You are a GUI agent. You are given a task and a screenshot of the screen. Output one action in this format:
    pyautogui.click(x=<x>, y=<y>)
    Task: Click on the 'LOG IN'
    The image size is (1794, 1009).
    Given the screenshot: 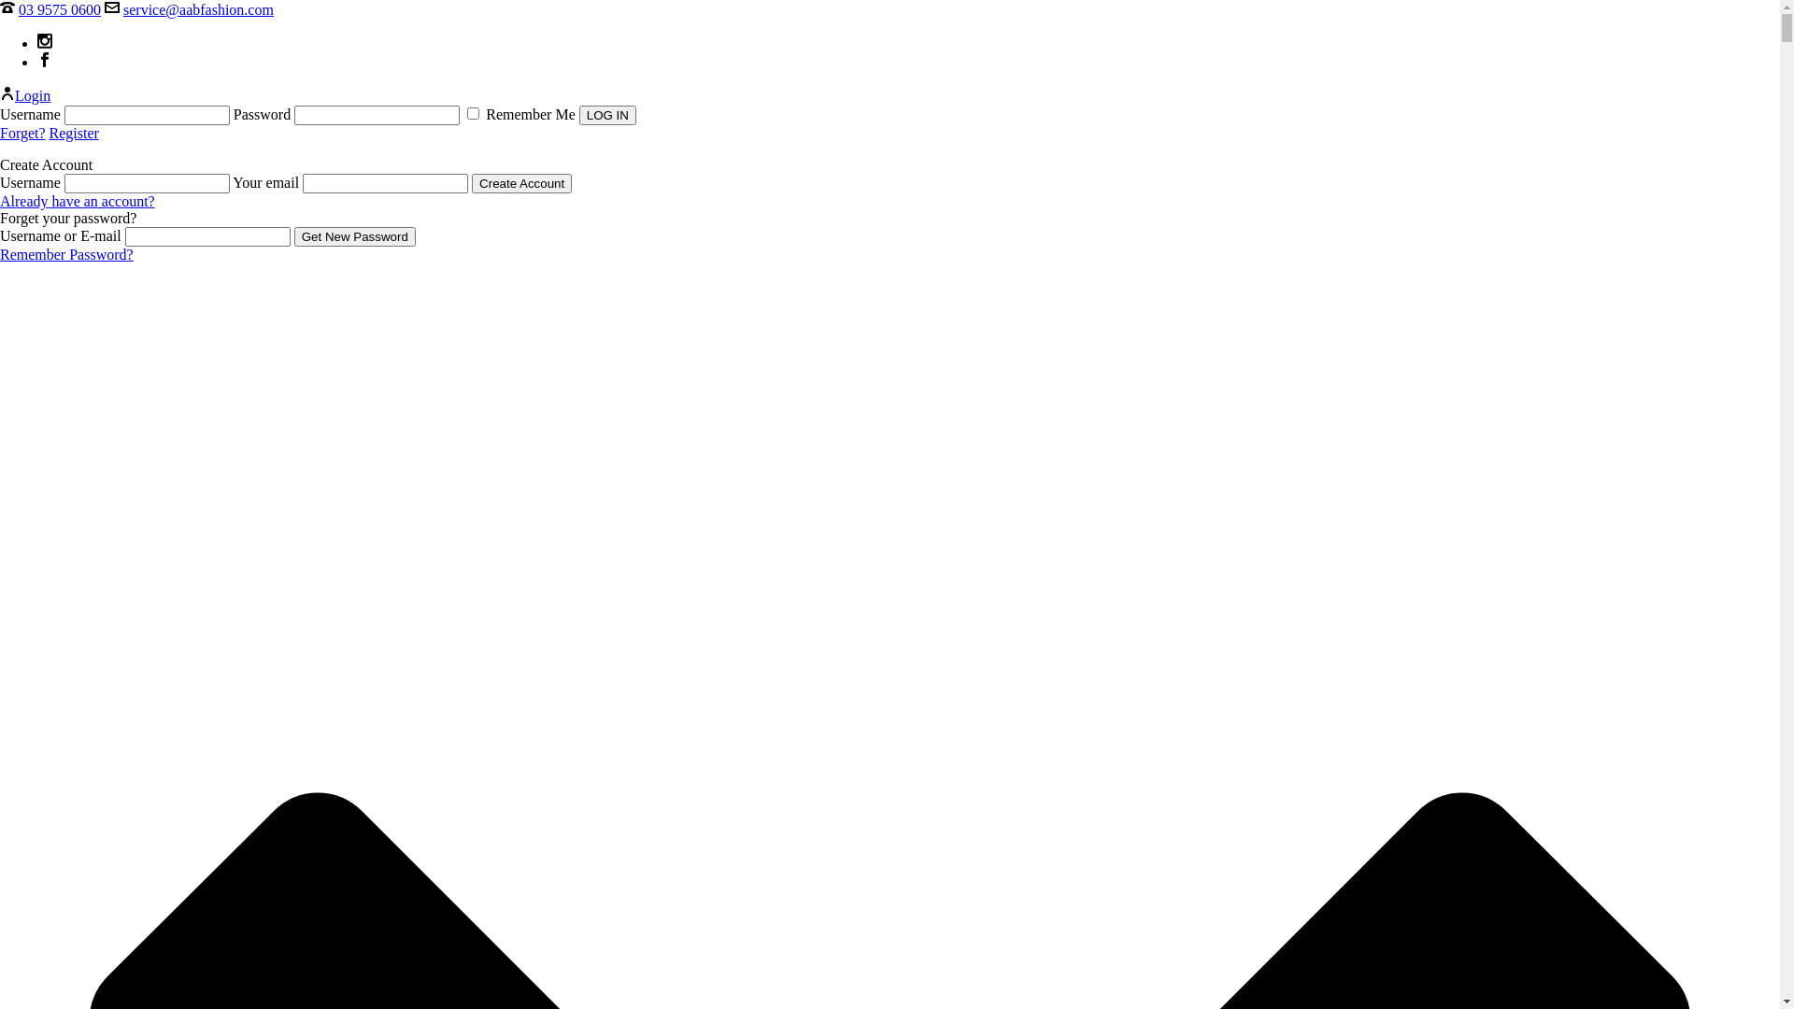 What is the action you would take?
    pyautogui.click(x=607, y=115)
    